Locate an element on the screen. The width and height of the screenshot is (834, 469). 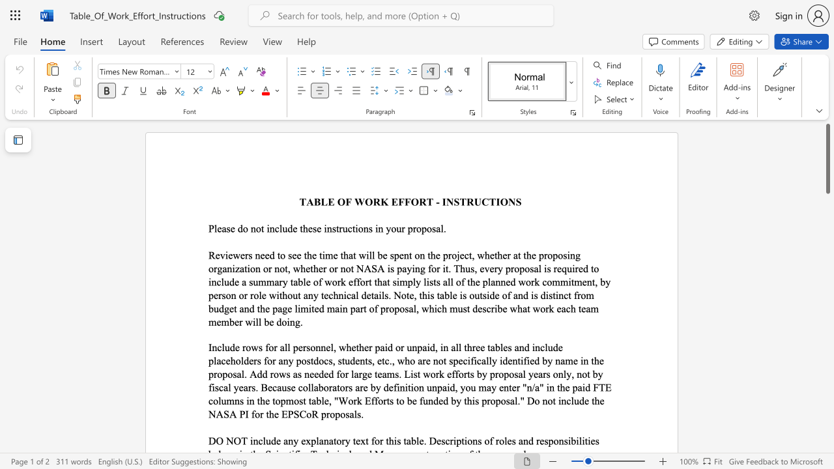
the scrollbar to slide the page down is located at coordinates (827, 306).